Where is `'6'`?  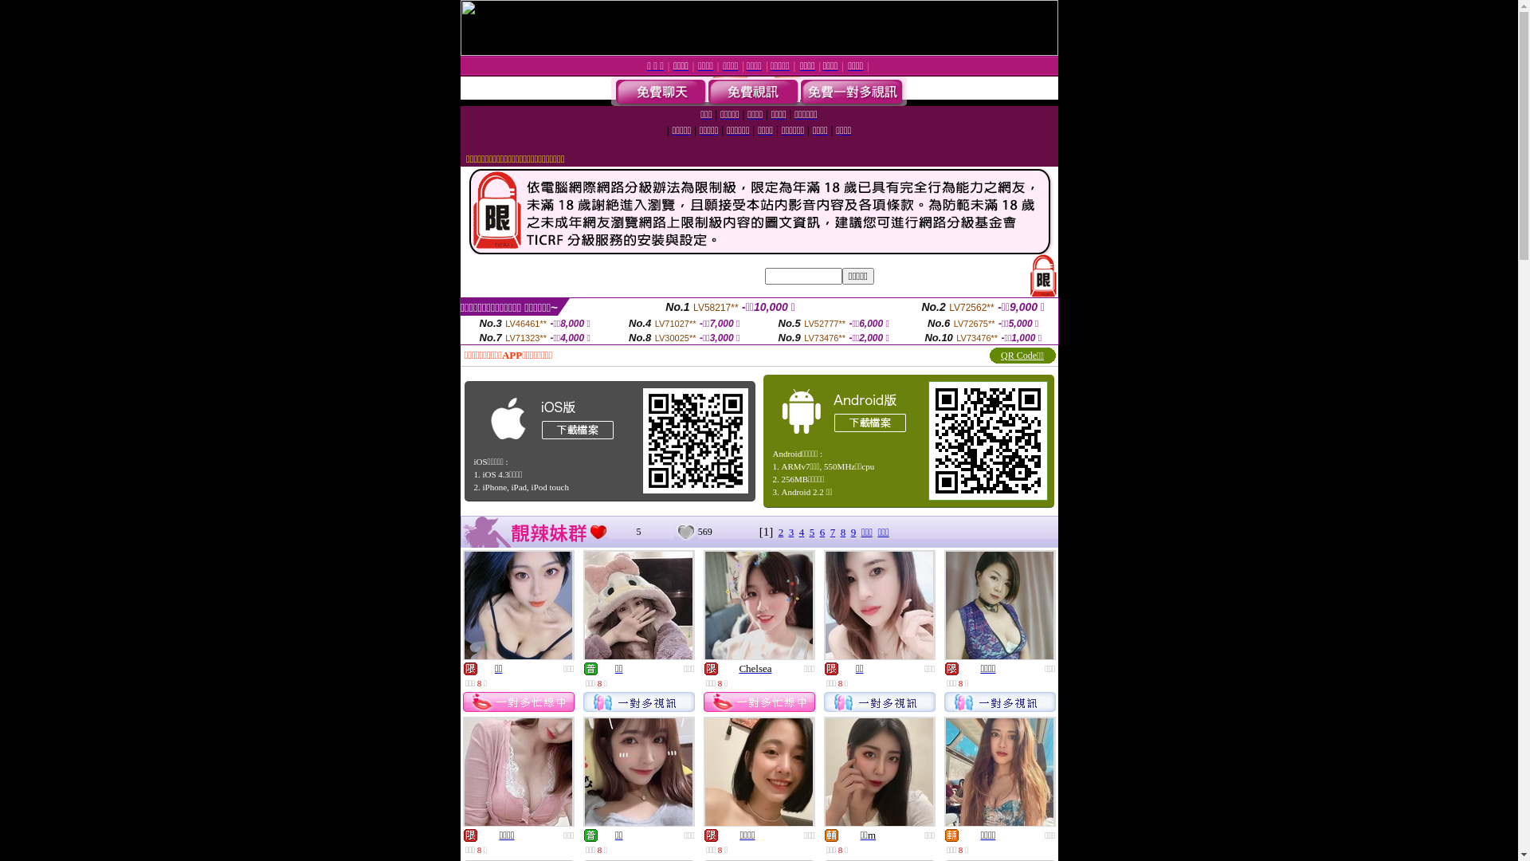
'6' is located at coordinates (819, 532).